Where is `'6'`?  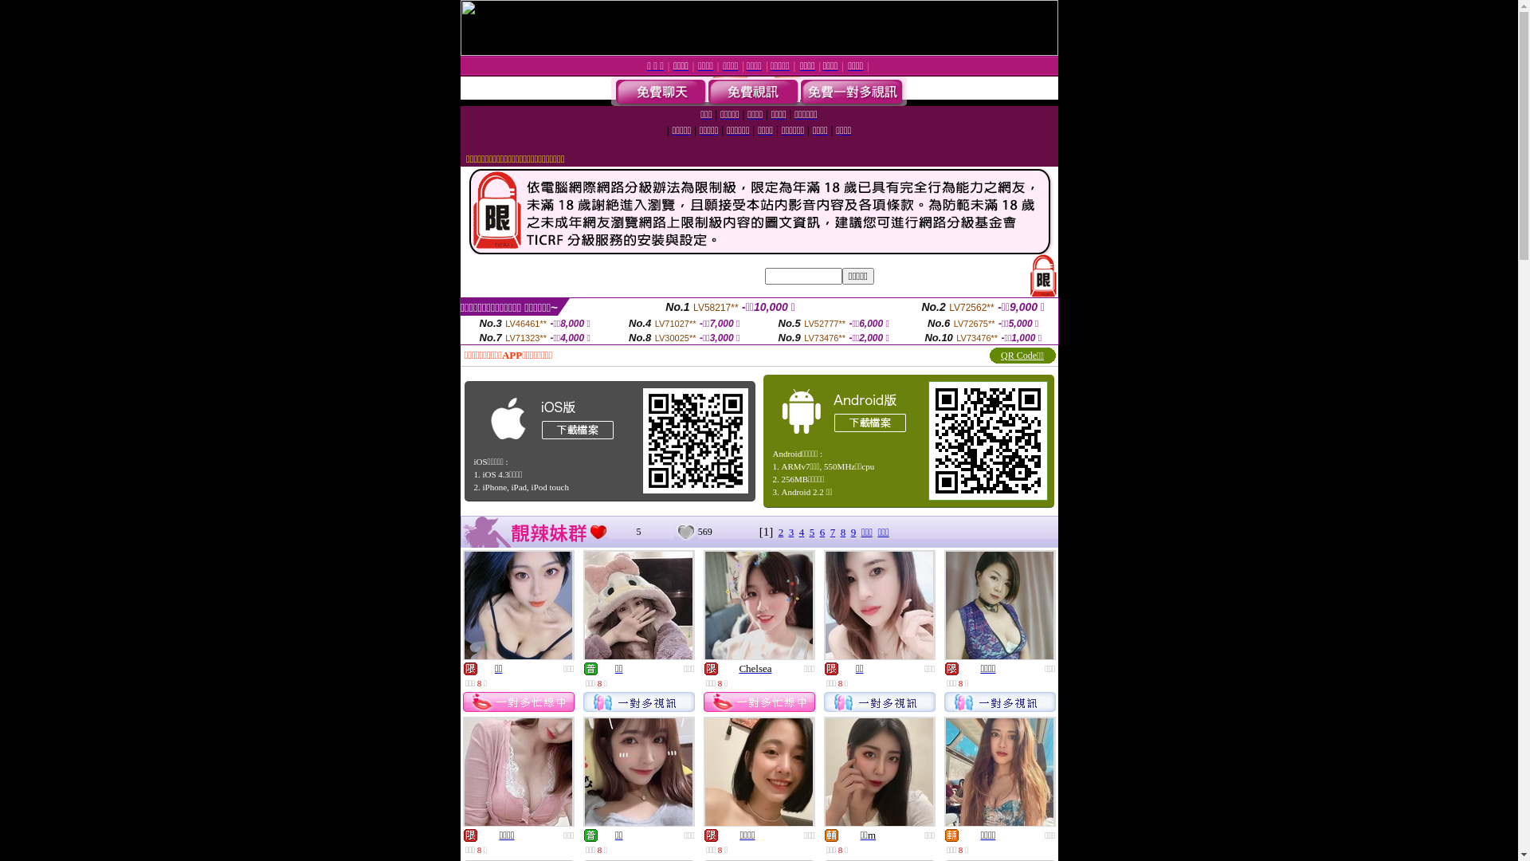
'6' is located at coordinates (819, 532).